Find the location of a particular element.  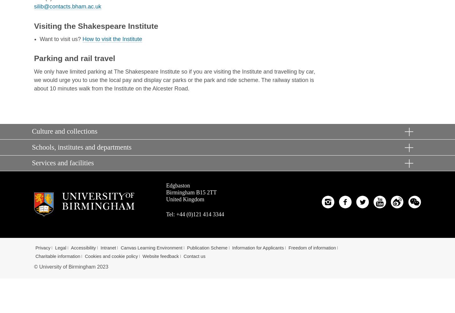

'Legal' is located at coordinates (55, 248).